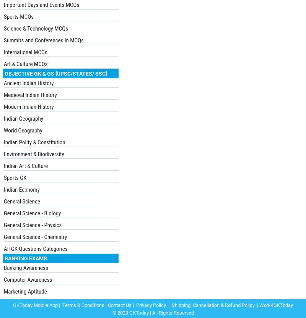 The width and height of the screenshot is (306, 318). Describe the element at coordinates (26, 258) in the screenshot. I see `'Banking Exams'` at that location.